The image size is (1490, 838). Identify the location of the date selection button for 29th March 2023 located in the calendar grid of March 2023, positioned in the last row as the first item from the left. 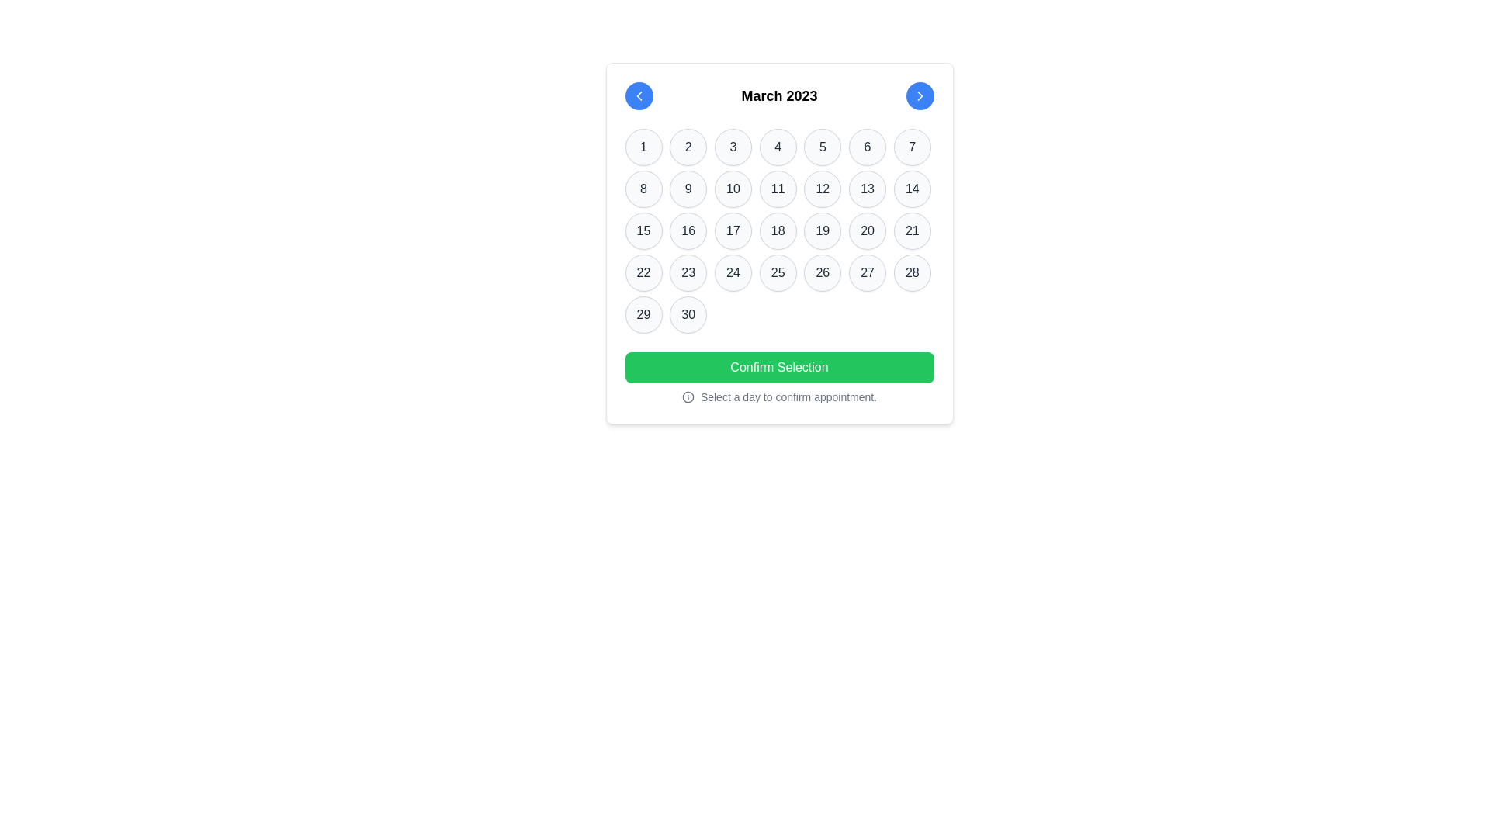
(643, 314).